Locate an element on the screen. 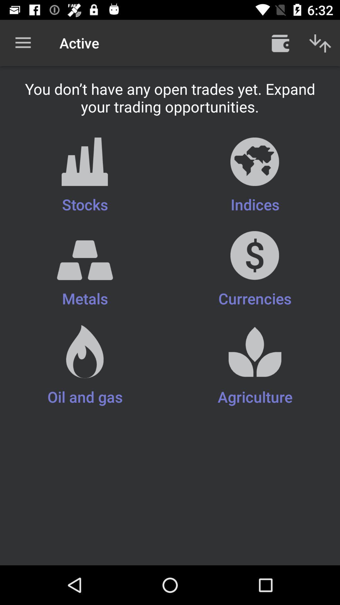 This screenshot has height=605, width=340. the icon below you don t is located at coordinates (85, 176).